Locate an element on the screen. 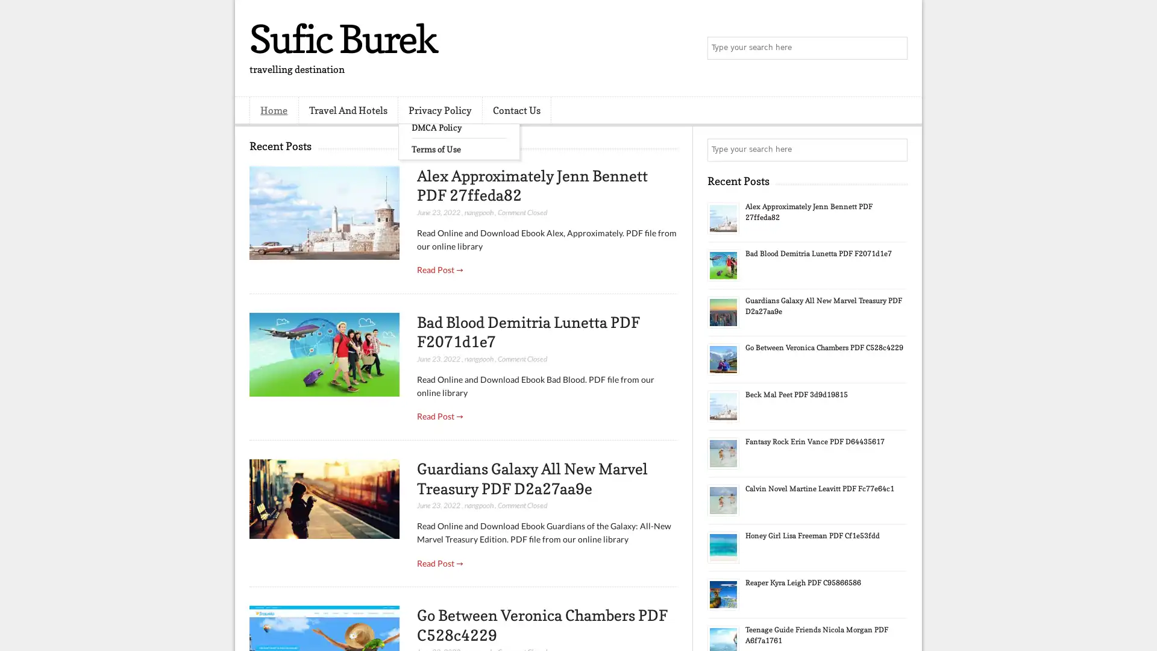 The width and height of the screenshot is (1157, 651). Search is located at coordinates (895, 149).